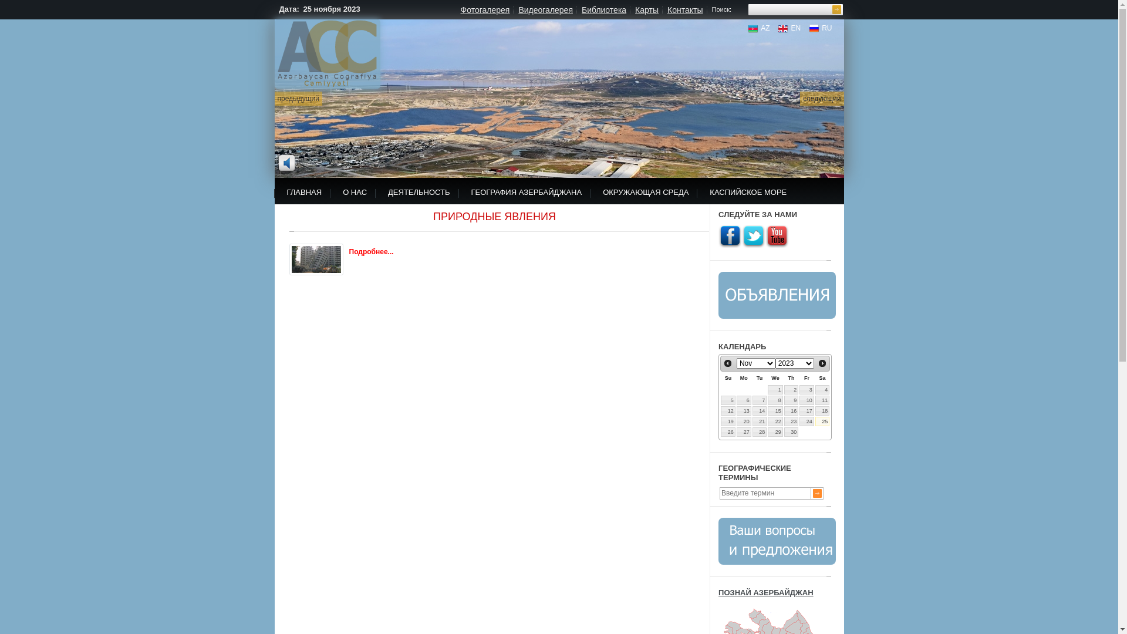 The image size is (1127, 634). I want to click on '3', so click(805, 389).